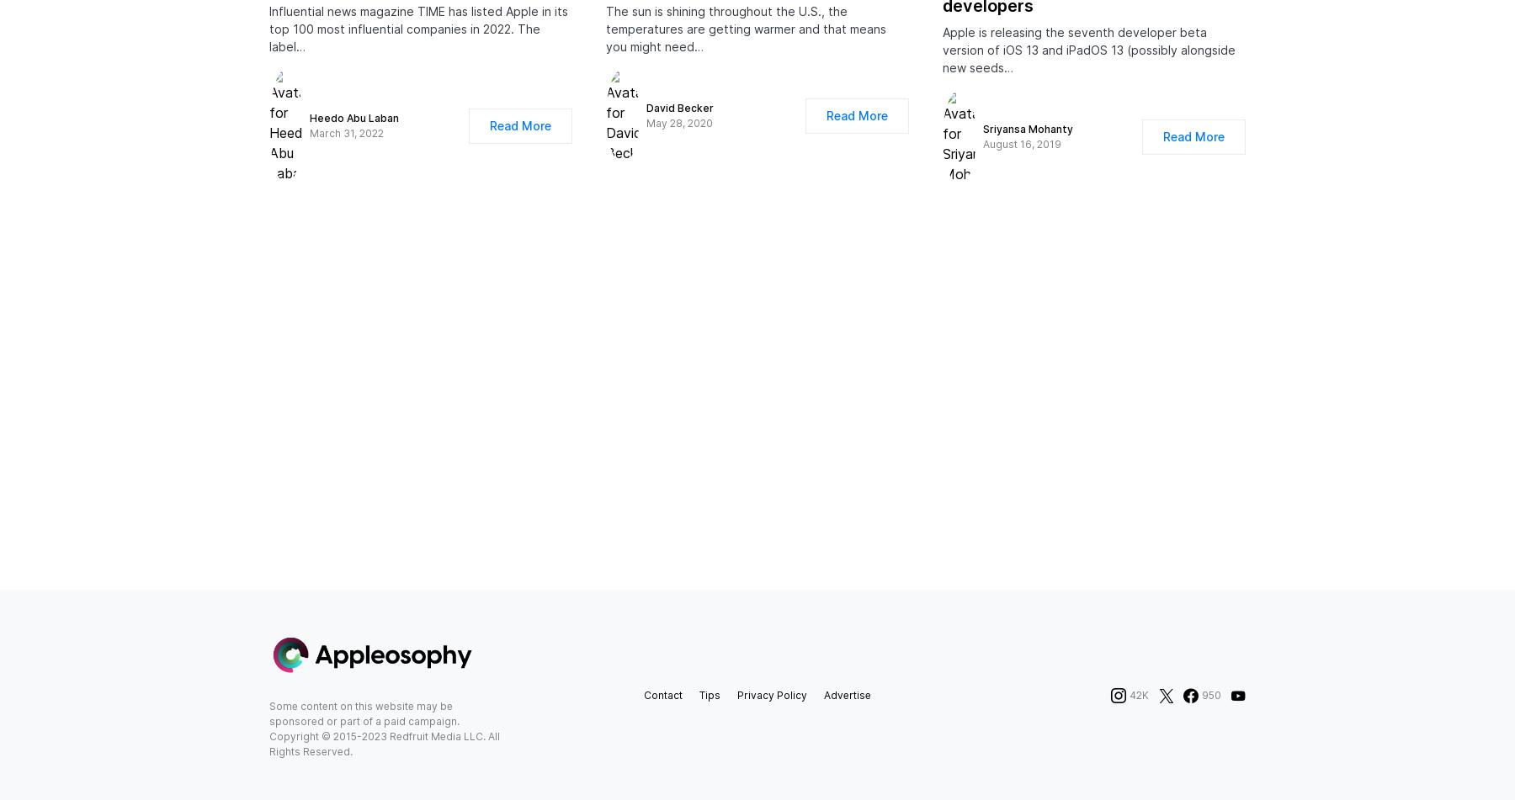 Image resolution: width=1515 pixels, height=800 pixels. Describe the element at coordinates (1138, 711) in the screenshot. I see `'42K'` at that location.